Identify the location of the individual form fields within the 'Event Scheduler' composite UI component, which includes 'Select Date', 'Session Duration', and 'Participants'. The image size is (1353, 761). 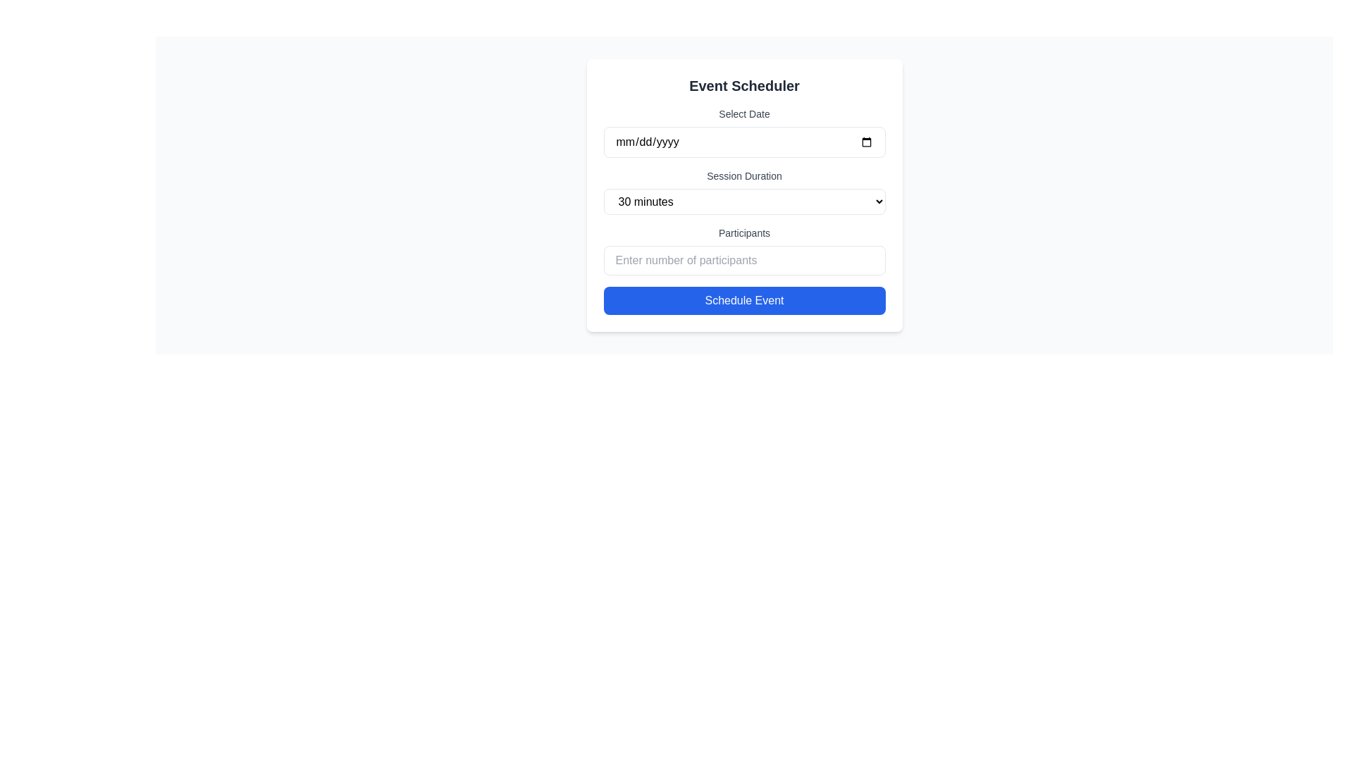
(743, 195).